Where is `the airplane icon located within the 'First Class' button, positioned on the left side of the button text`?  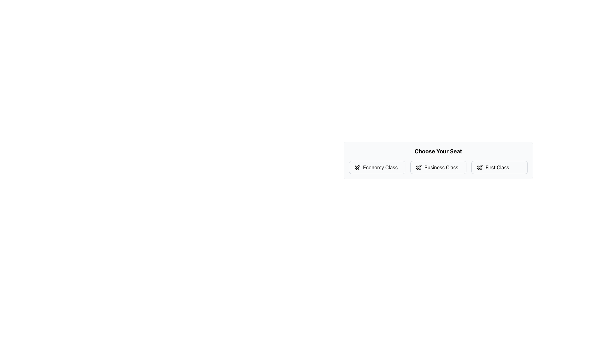
the airplane icon located within the 'First Class' button, positioned on the left side of the button text is located at coordinates (480, 167).